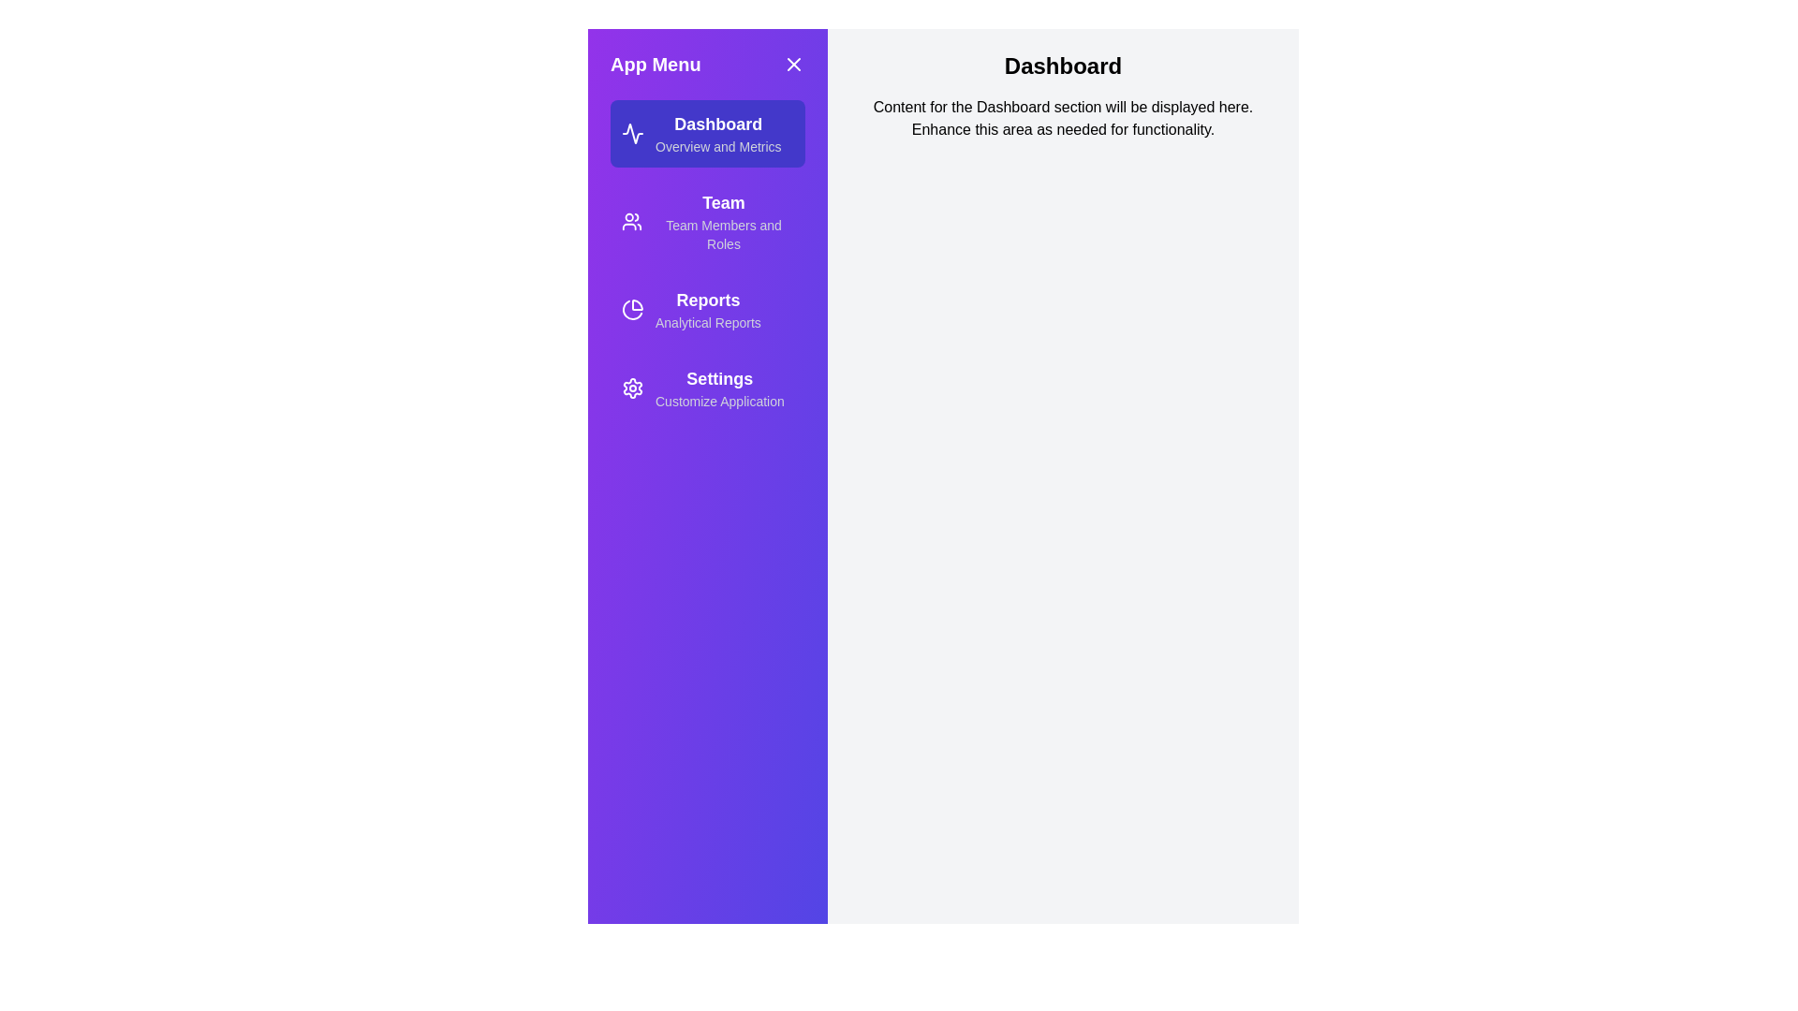  Describe the element at coordinates (706, 388) in the screenshot. I see `the menu item Settings to observe its visual effect` at that location.